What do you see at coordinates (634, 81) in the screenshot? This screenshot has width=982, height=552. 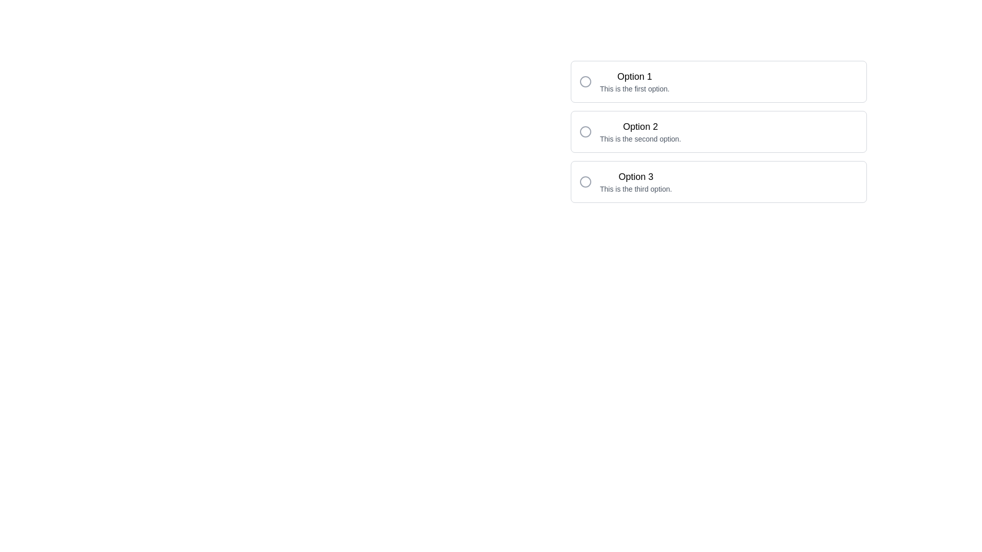 I see `the Text Label that describes an option in a selection form, situated as the first item in a vertical stack, within a light box and adjacent to a radio button` at bounding box center [634, 81].